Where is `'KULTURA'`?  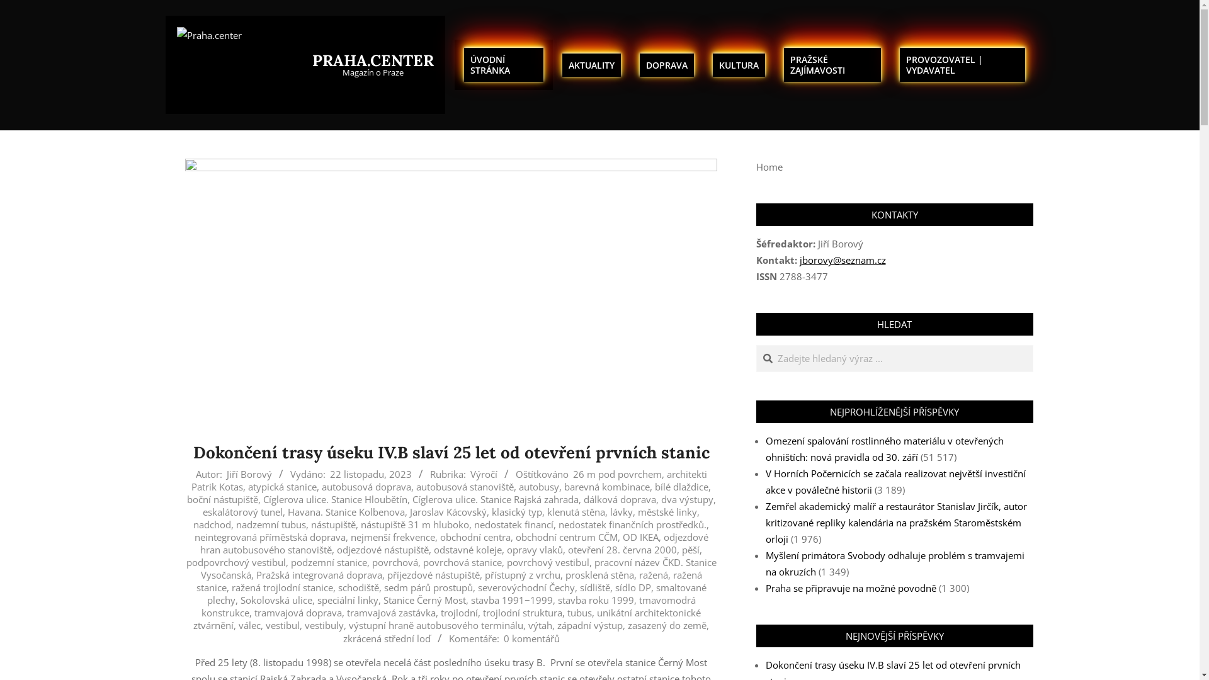
'KULTURA' is located at coordinates (739, 65).